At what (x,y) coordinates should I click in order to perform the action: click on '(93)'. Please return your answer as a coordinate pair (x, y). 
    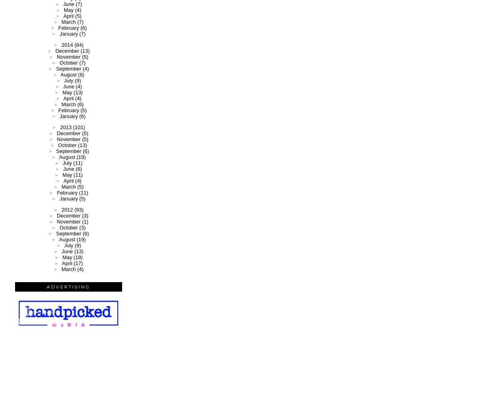
    Looking at the image, I should click on (79, 209).